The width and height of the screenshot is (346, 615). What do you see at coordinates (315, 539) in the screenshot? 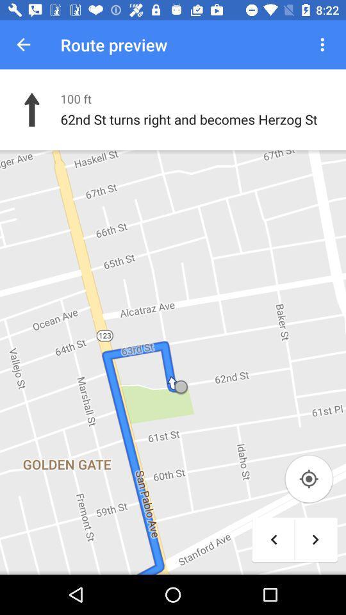
I see `the arrow_forward icon` at bounding box center [315, 539].